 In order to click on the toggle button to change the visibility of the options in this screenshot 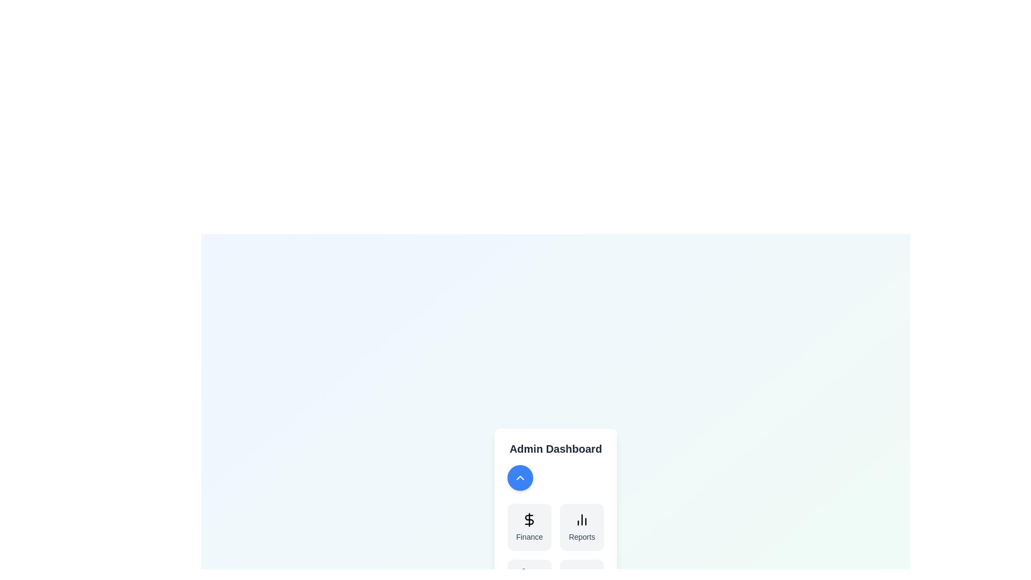, I will do `click(520, 477)`.